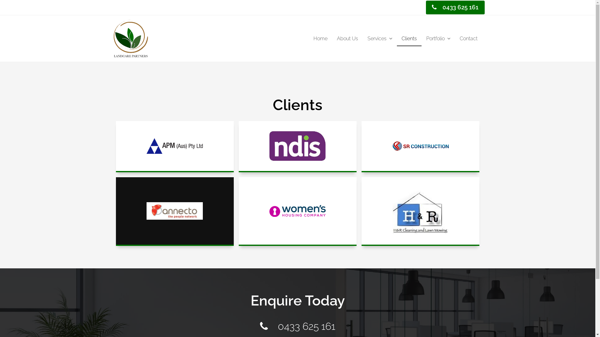 The image size is (600, 337). I want to click on 'About Us', so click(347, 39).